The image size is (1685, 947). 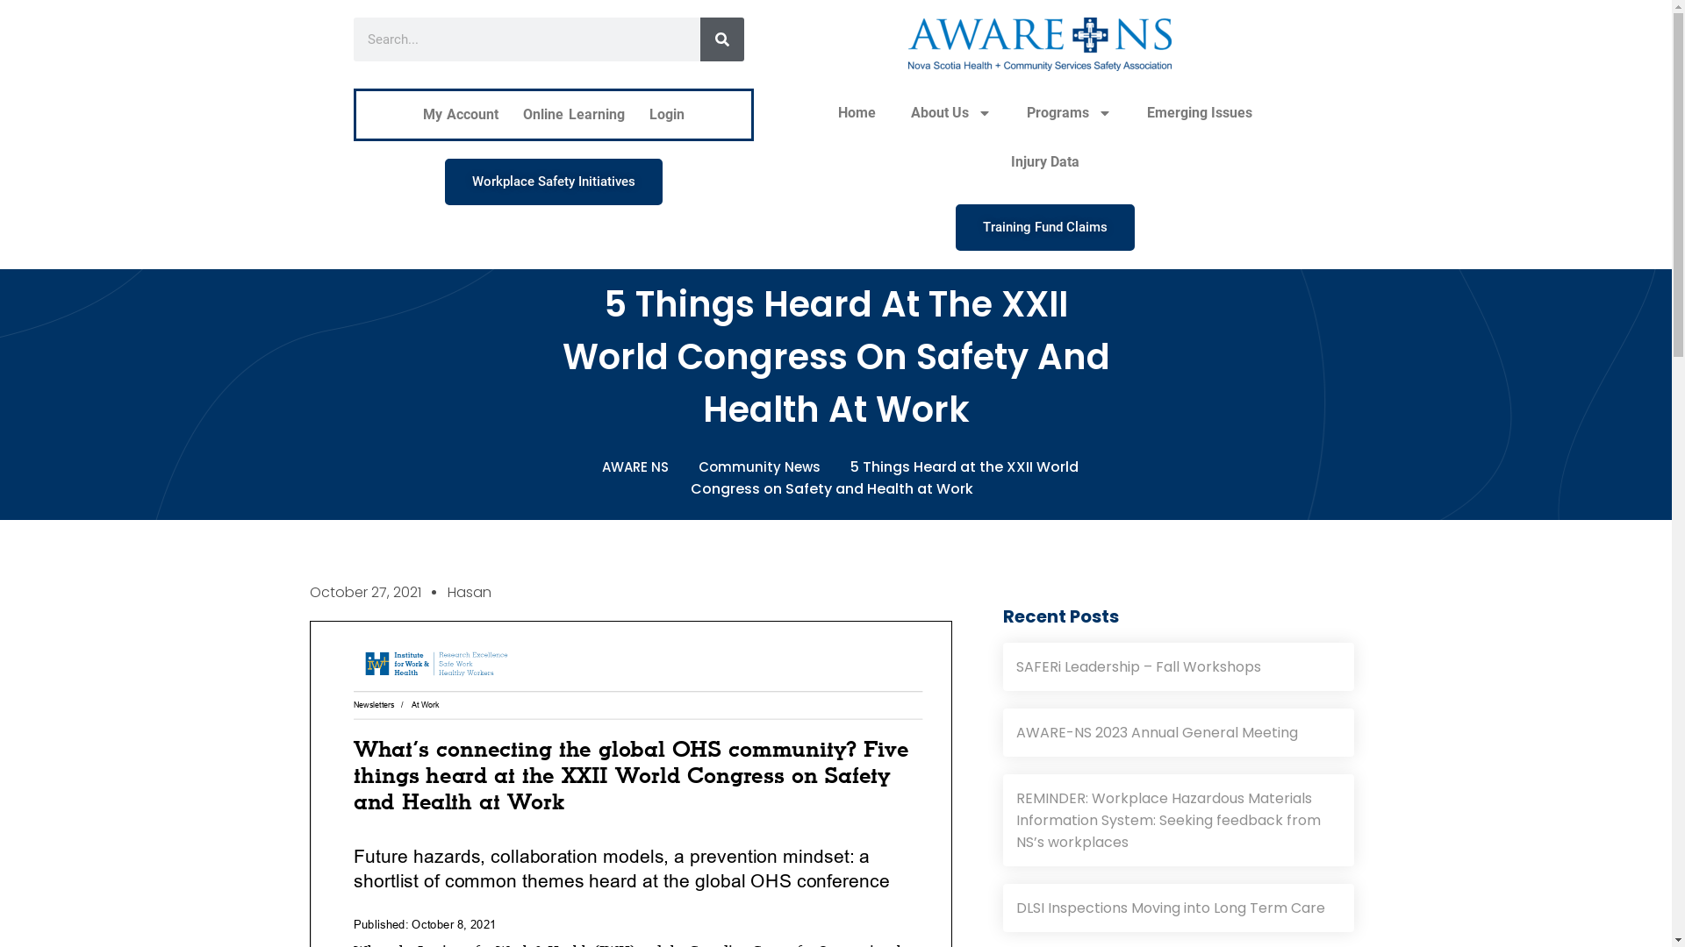 What do you see at coordinates (764, 466) in the screenshot?
I see `'Community News'` at bounding box center [764, 466].